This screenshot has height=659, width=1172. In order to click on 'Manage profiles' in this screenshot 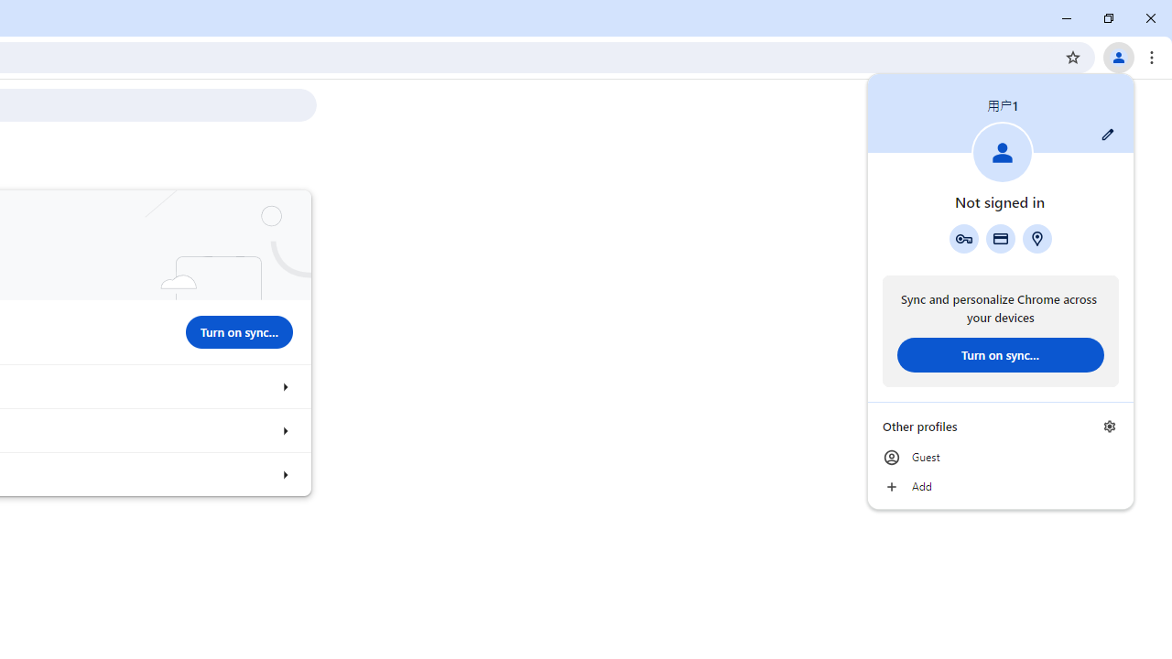, I will do `click(1109, 426)`.